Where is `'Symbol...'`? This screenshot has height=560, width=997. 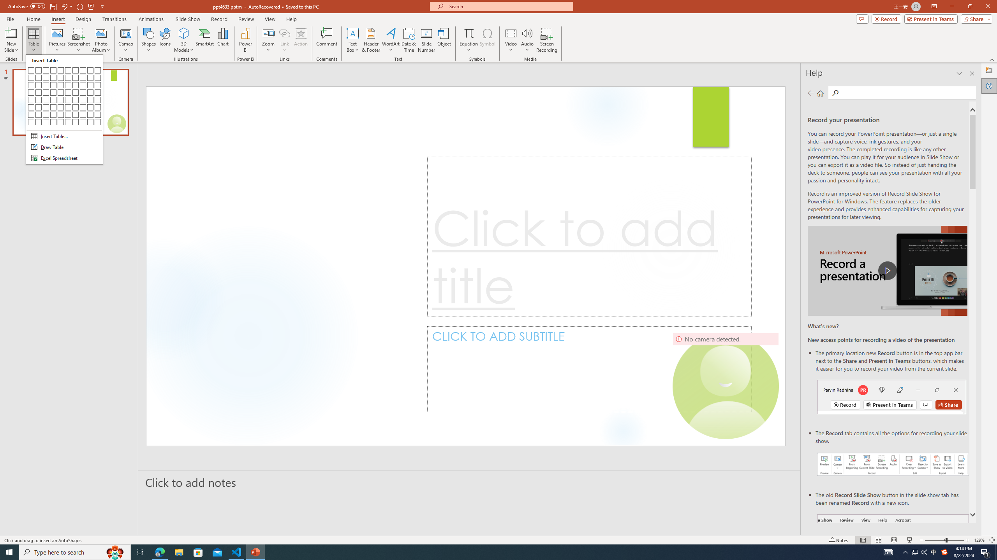 'Symbol...' is located at coordinates (487, 40).